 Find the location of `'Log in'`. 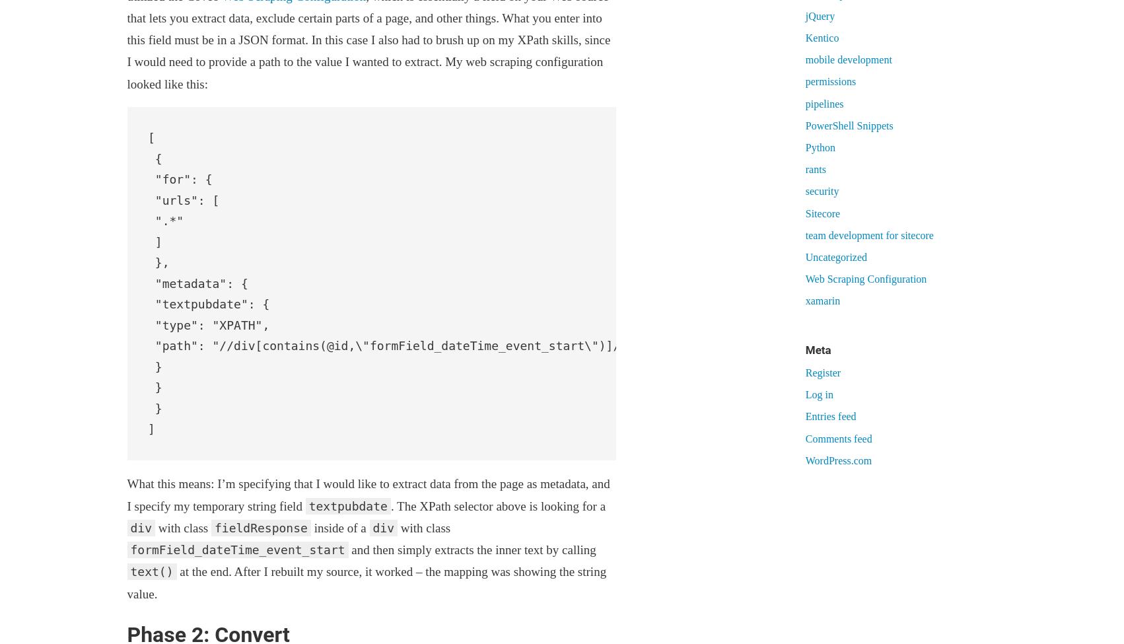

'Log in' is located at coordinates (804, 394).